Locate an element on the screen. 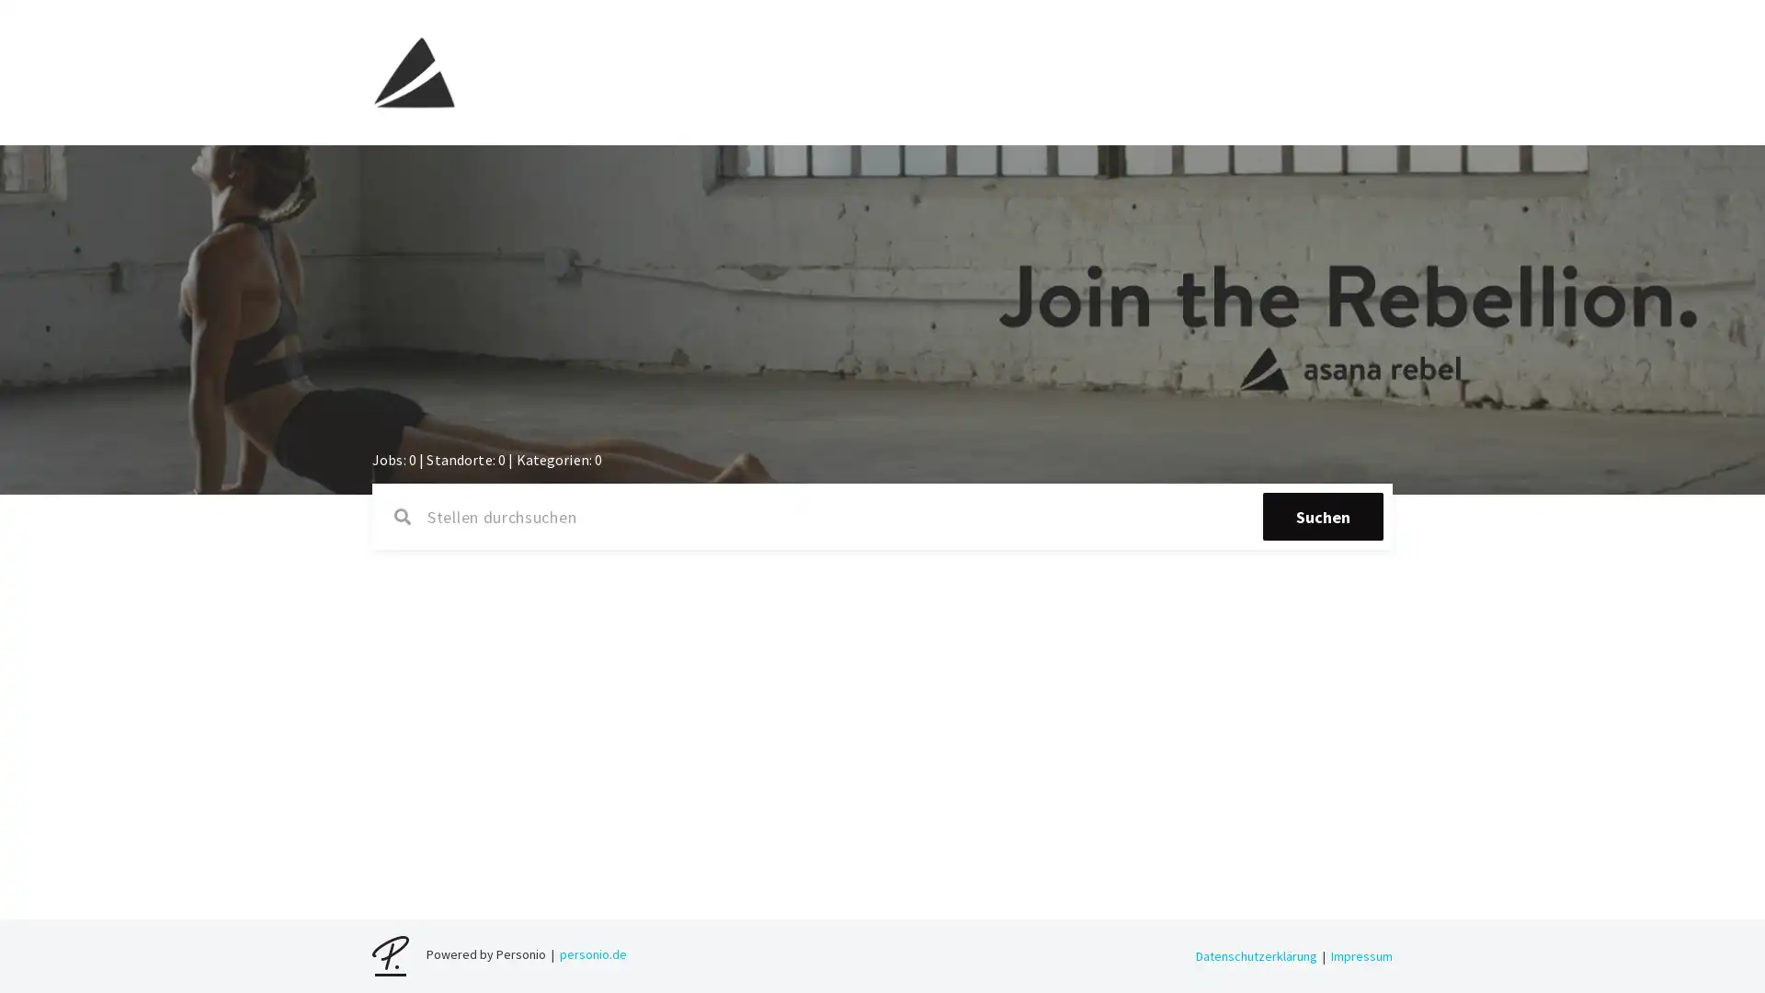  Suchen is located at coordinates (1322, 517).